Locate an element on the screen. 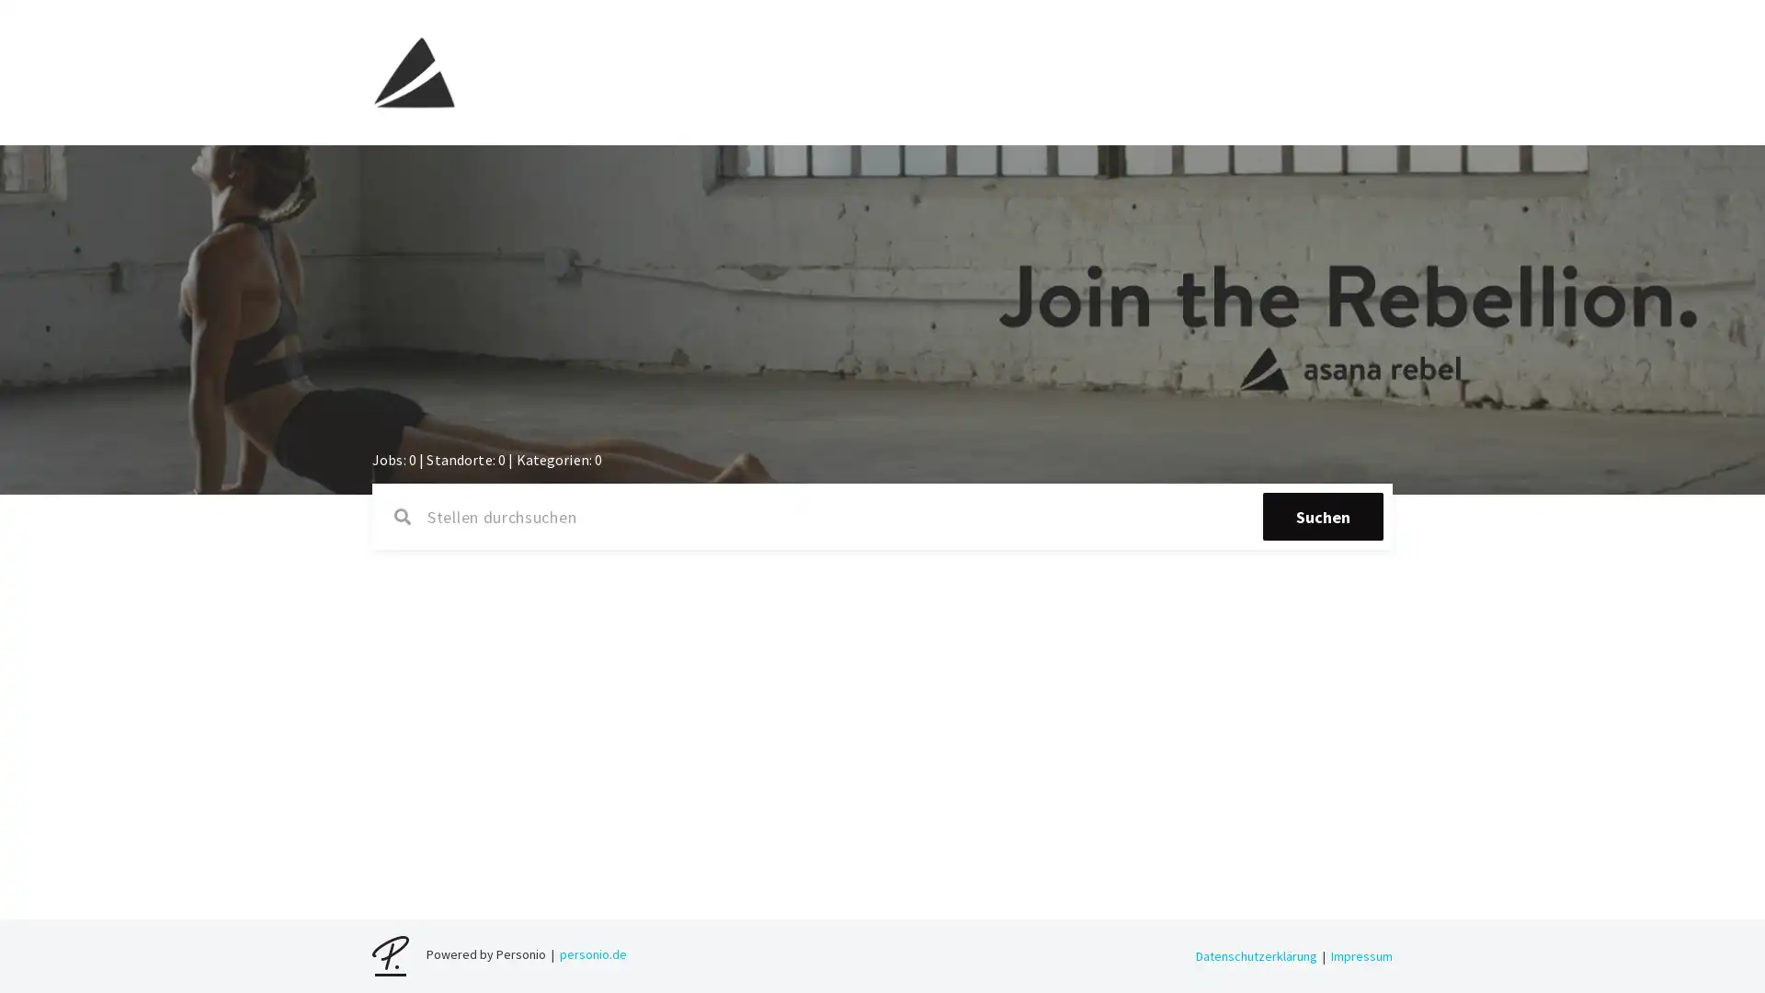  Suchen is located at coordinates (1322, 517).